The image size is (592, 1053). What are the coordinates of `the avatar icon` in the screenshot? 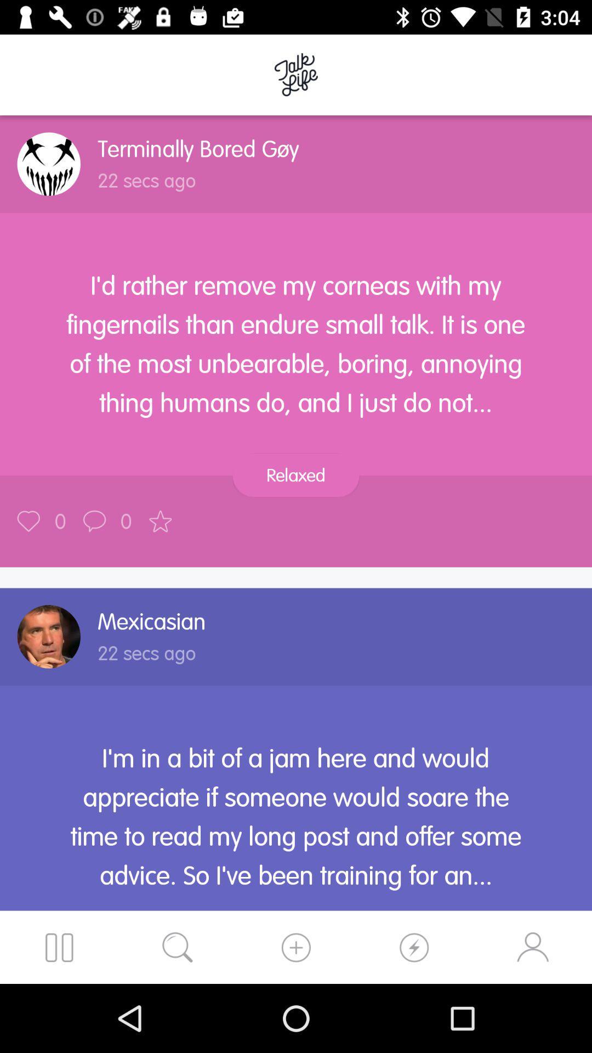 It's located at (532, 947).